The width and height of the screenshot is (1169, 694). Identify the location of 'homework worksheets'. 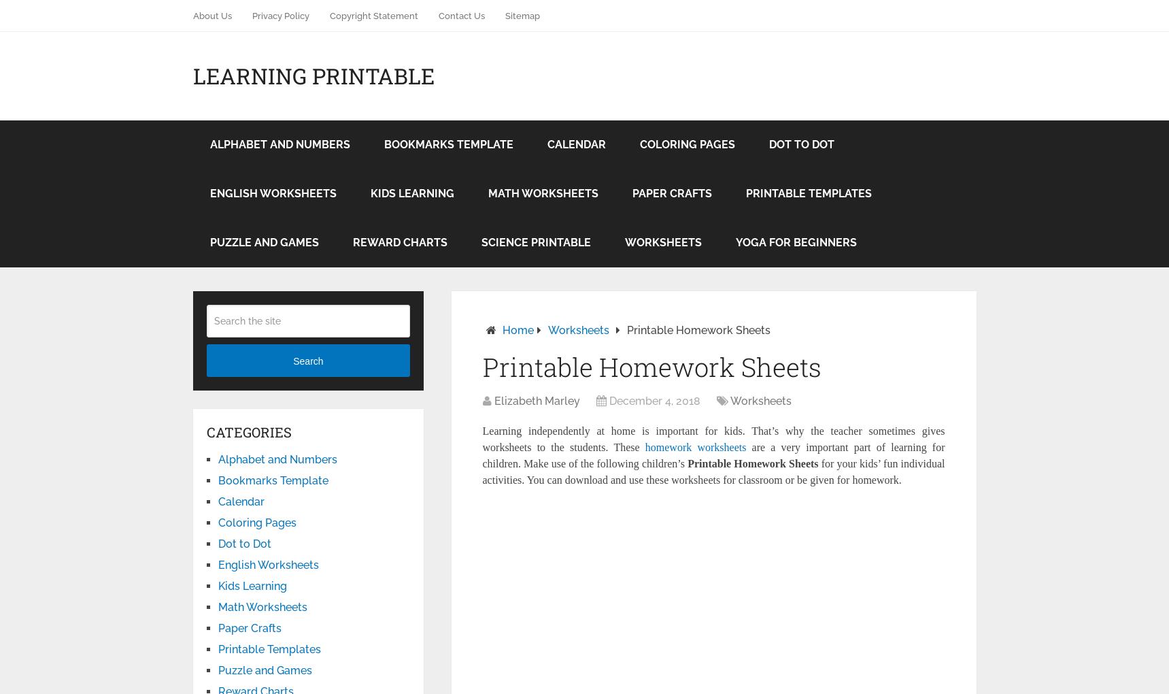
(695, 447).